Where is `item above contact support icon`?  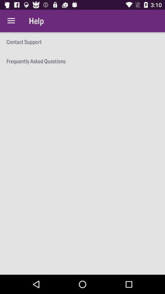
item above contact support icon is located at coordinates (11, 21).